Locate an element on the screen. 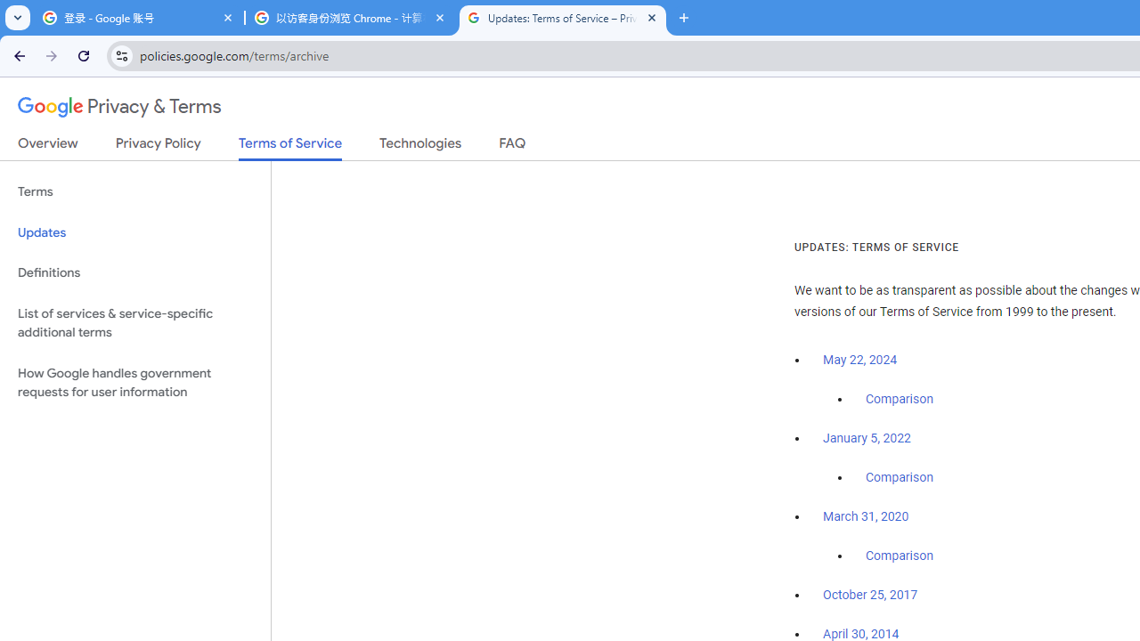 This screenshot has width=1140, height=641. 'List of services & service-specific additional terms' is located at coordinates (134, 322).